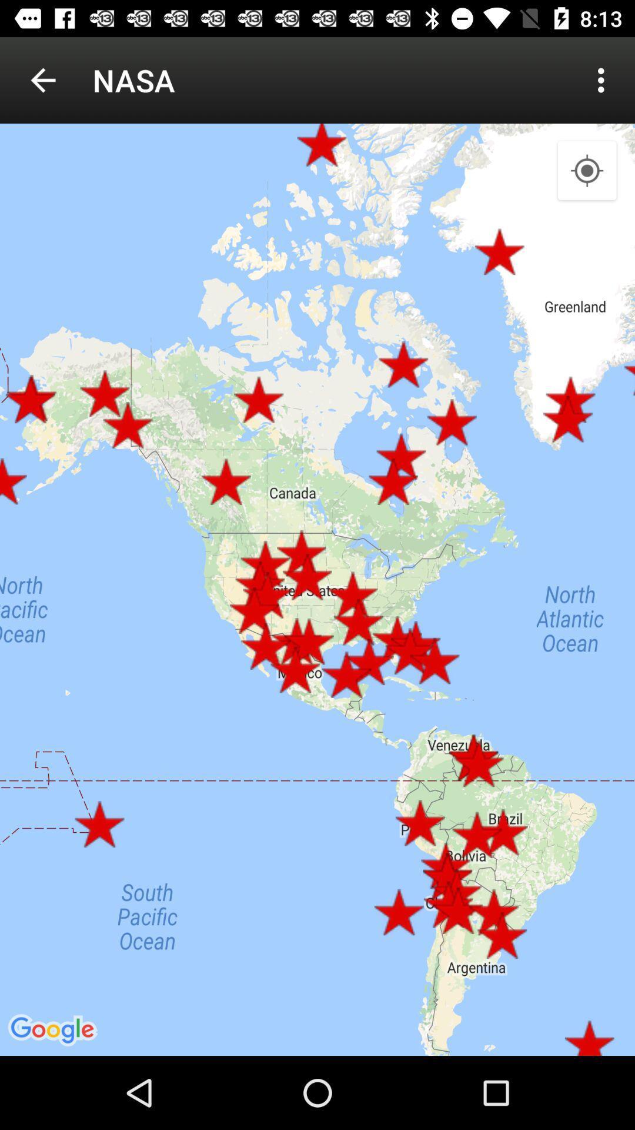 Image resolution: width=635 pixels, height=1130 pixels. Describe the element at coordinates (42, 79) in the screenshot. I see `app to the left of the nasa icon` at that location.